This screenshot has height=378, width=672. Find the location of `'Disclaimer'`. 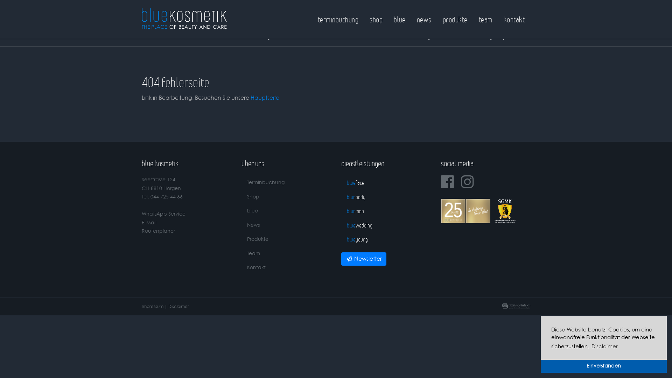

'Disclaimer' is located at coordinates (590, 347).